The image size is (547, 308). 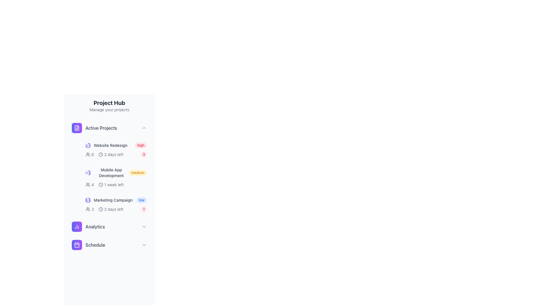 What do you see at coordinates (94, 127) in the screenshot?
I see `the 'Active Projects' label in the left-hand sidebar under 'Project Hub'` at bounding box center [94, 127].